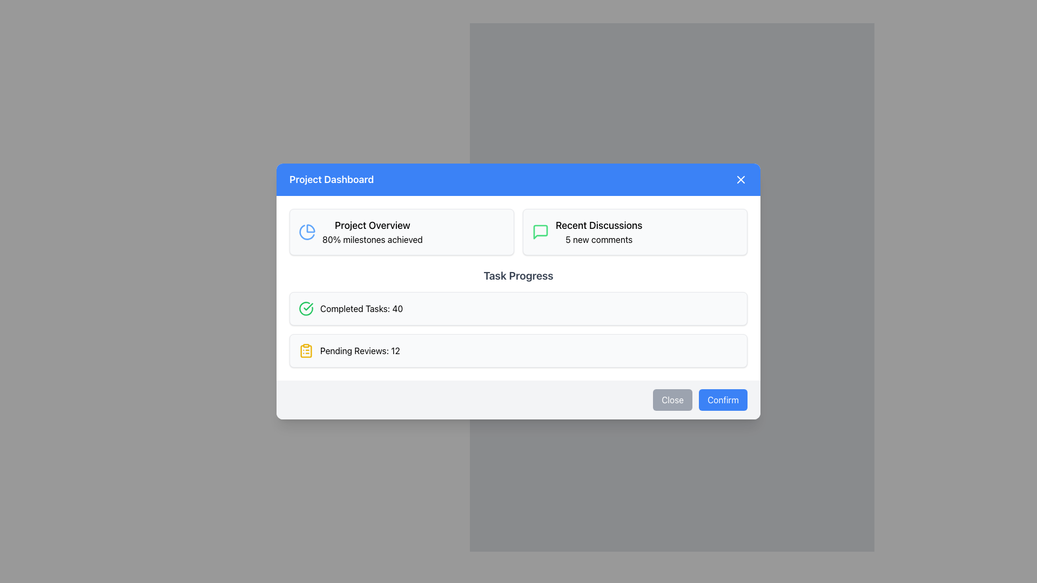  What do you see at coordinates (541, 231) in the screenshot?
I see `the speech bubble icon with a green outline located to the left of the 'Recent Discussions' text in the upper-right box of the dialog` at bounding box center [541, 231].